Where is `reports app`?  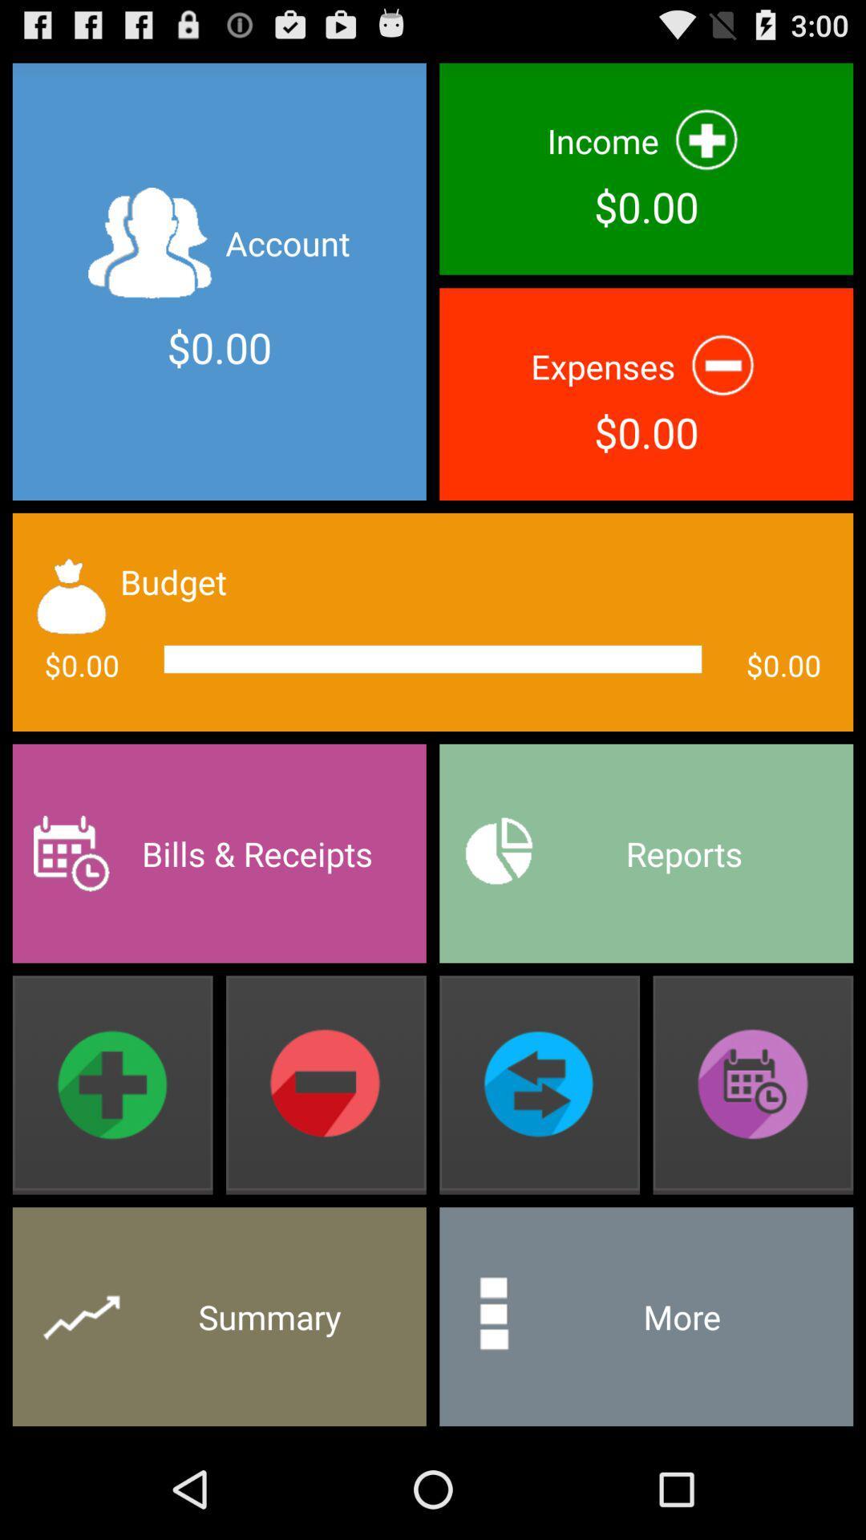 reports app is located at coordinates (645, 853).